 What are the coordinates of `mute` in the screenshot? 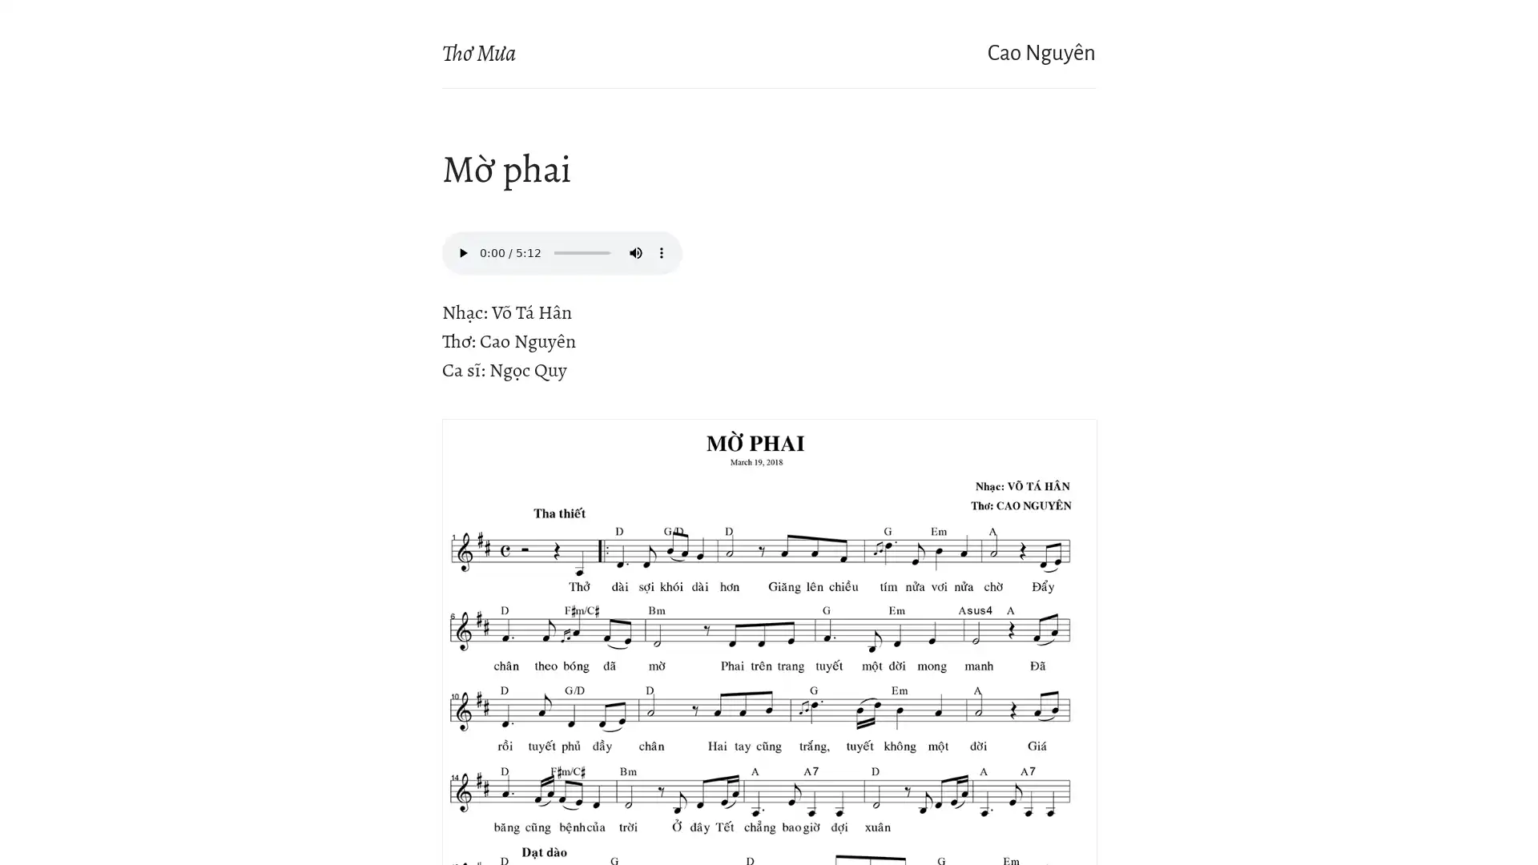 It's located at (634, 252).